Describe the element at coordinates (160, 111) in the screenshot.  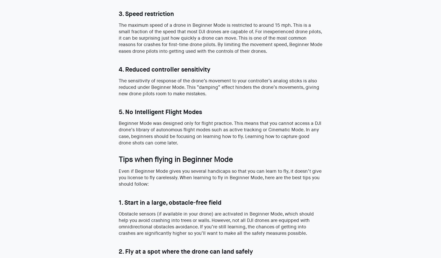
I see `'5. No Intelligent Flight Modes'` at that location.